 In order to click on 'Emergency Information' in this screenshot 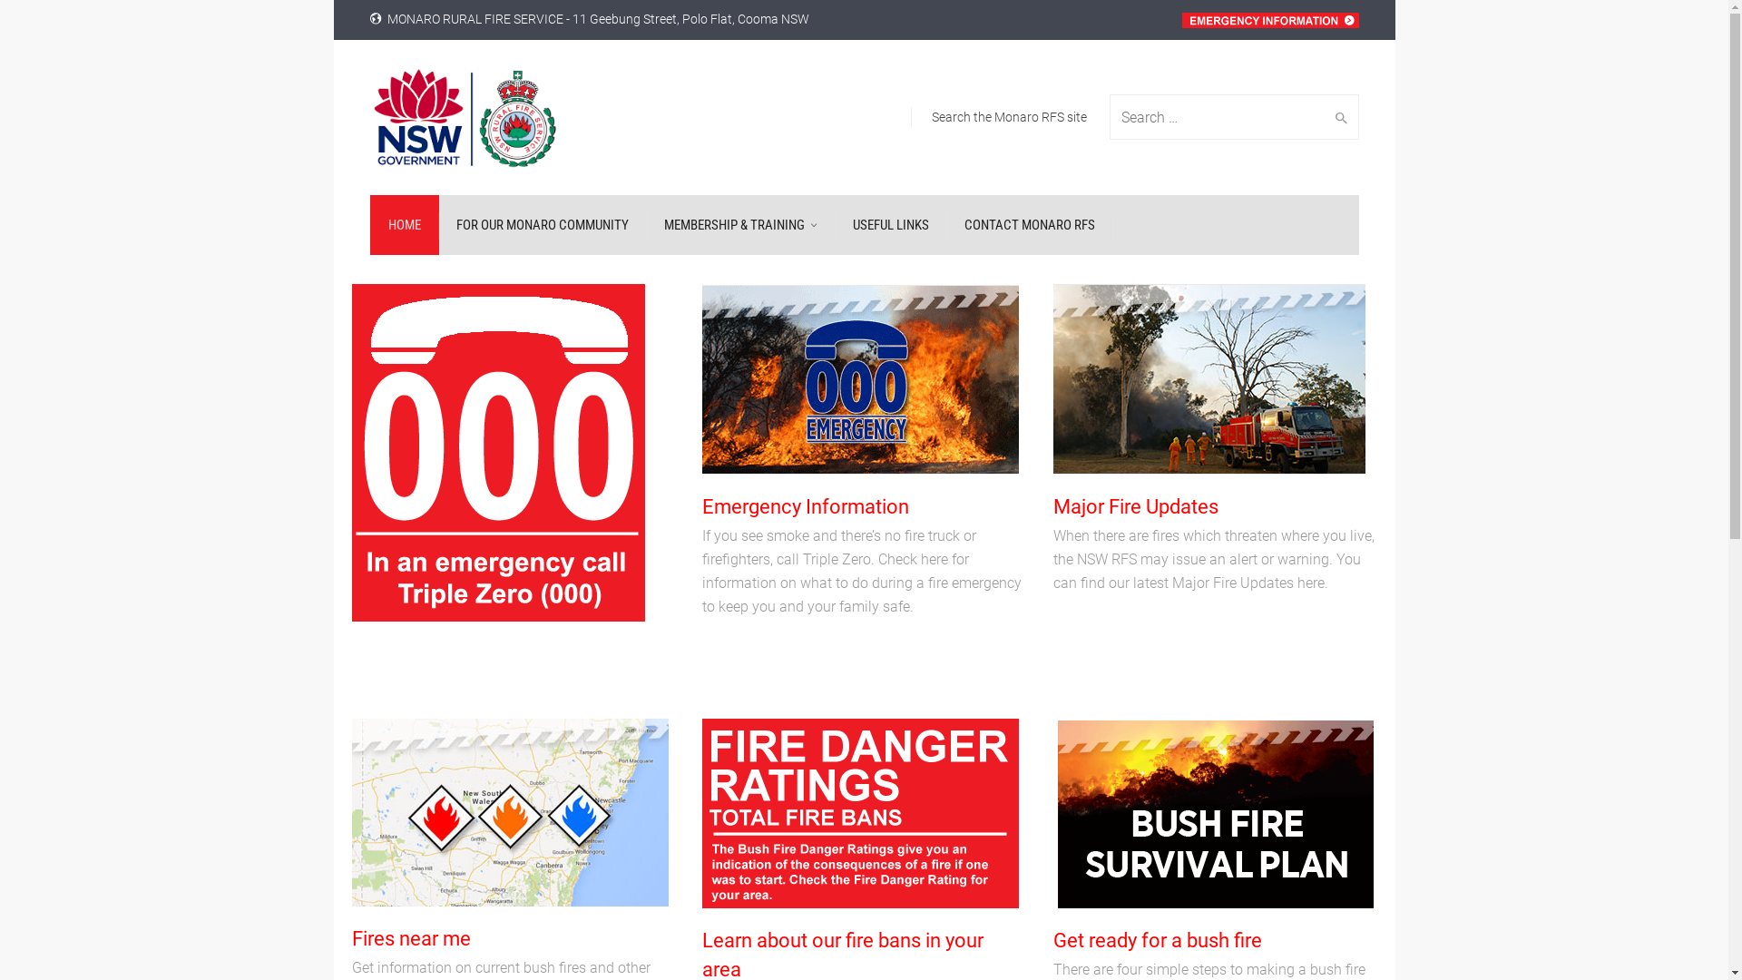, I will do `click(805, 506)`.